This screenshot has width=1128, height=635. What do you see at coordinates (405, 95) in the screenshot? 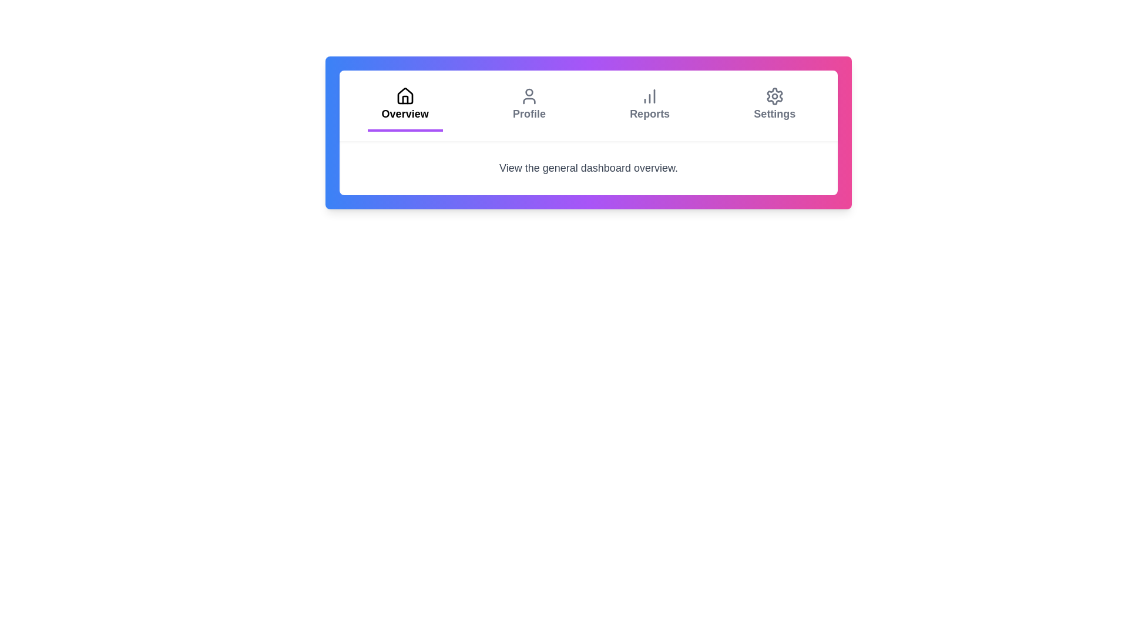
I see `the house icon in the top navigation menu` at bounding box center [405, 95].